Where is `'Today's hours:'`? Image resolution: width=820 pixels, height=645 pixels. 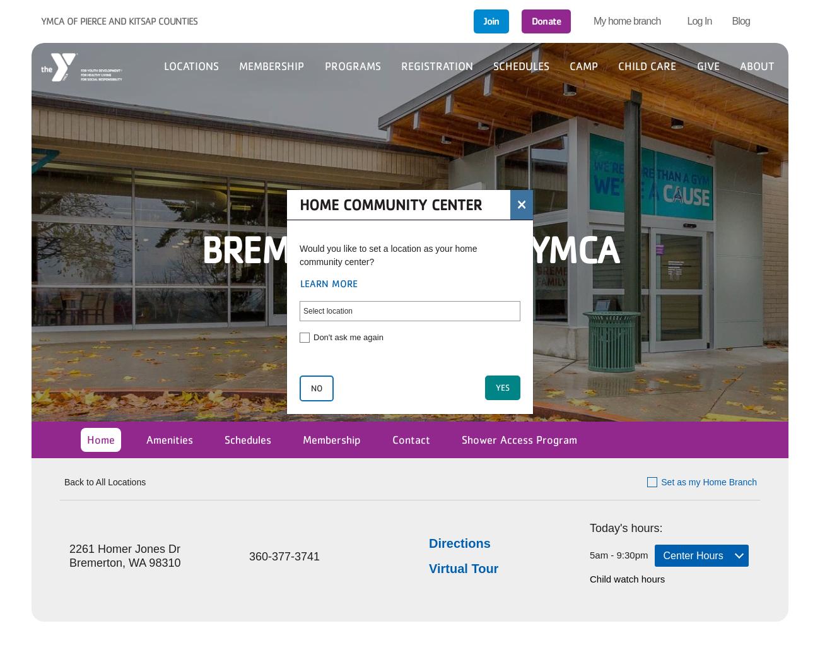 'Today's hours:' is located at coordinates (625, 526).